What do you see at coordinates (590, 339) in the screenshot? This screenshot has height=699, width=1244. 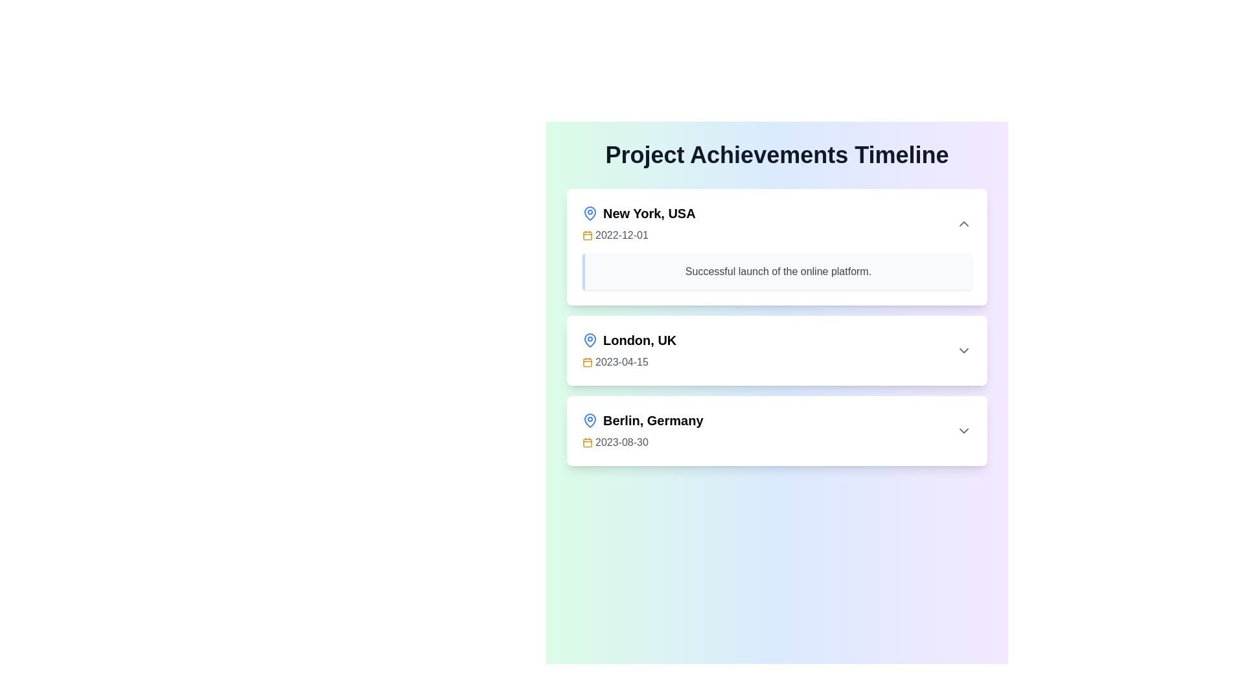 I see `the geographic location icon representing 'London, UK', which is the first icon to the left of the text within its card` at bounding box center [590, 339].